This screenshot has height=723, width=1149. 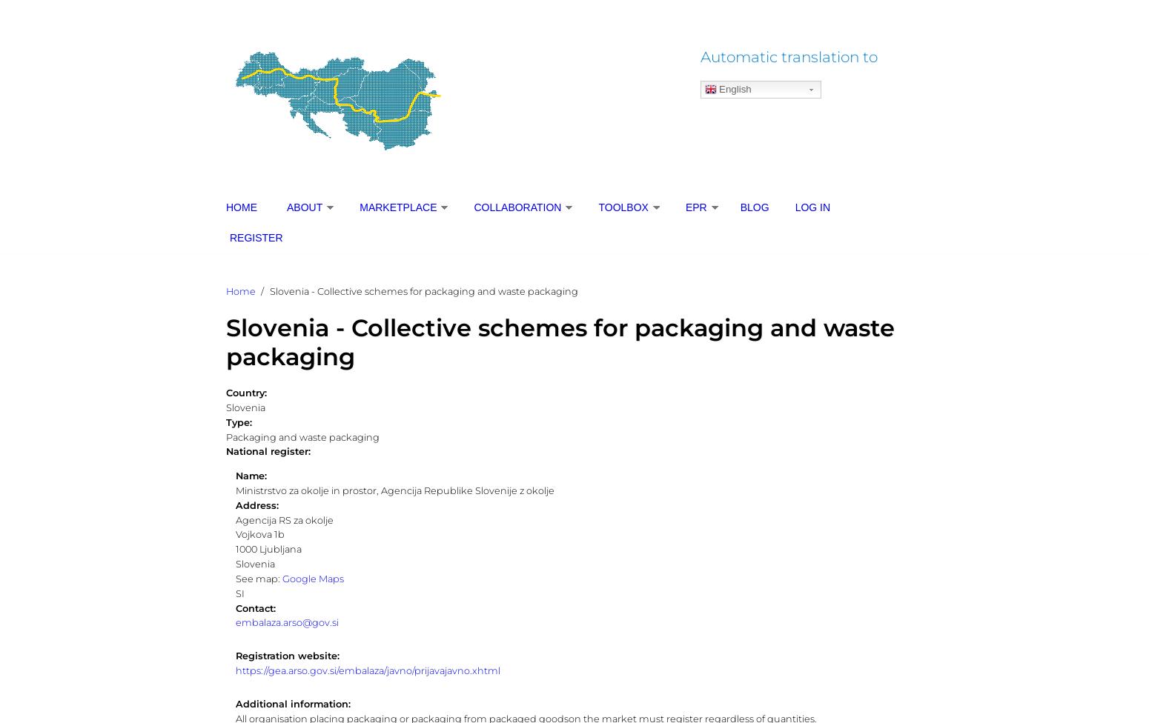 I want to click on 'Packaging and waste packaging', so click(x=302, y=436).